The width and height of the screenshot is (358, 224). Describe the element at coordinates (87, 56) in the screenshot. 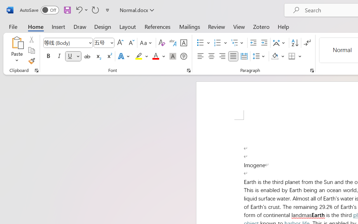

I see `'Strikethrough'` at that location.